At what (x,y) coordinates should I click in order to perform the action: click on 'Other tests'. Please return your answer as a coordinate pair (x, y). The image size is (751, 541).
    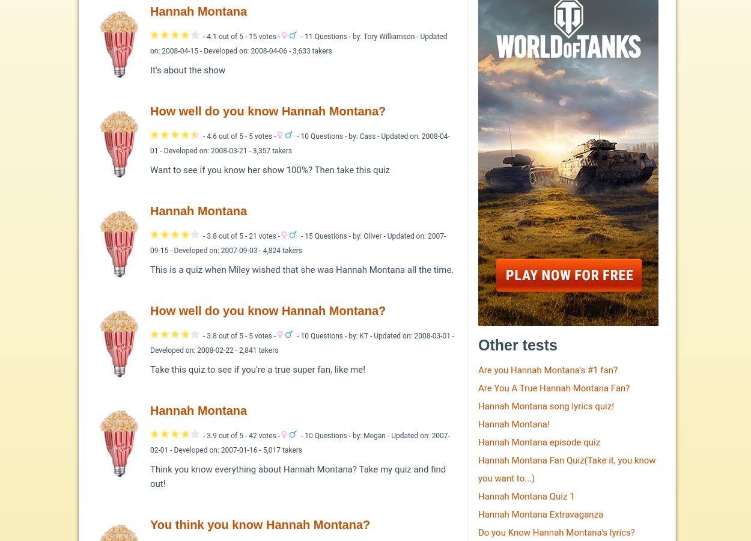
    Looking at the image, I should click on (478, 344).